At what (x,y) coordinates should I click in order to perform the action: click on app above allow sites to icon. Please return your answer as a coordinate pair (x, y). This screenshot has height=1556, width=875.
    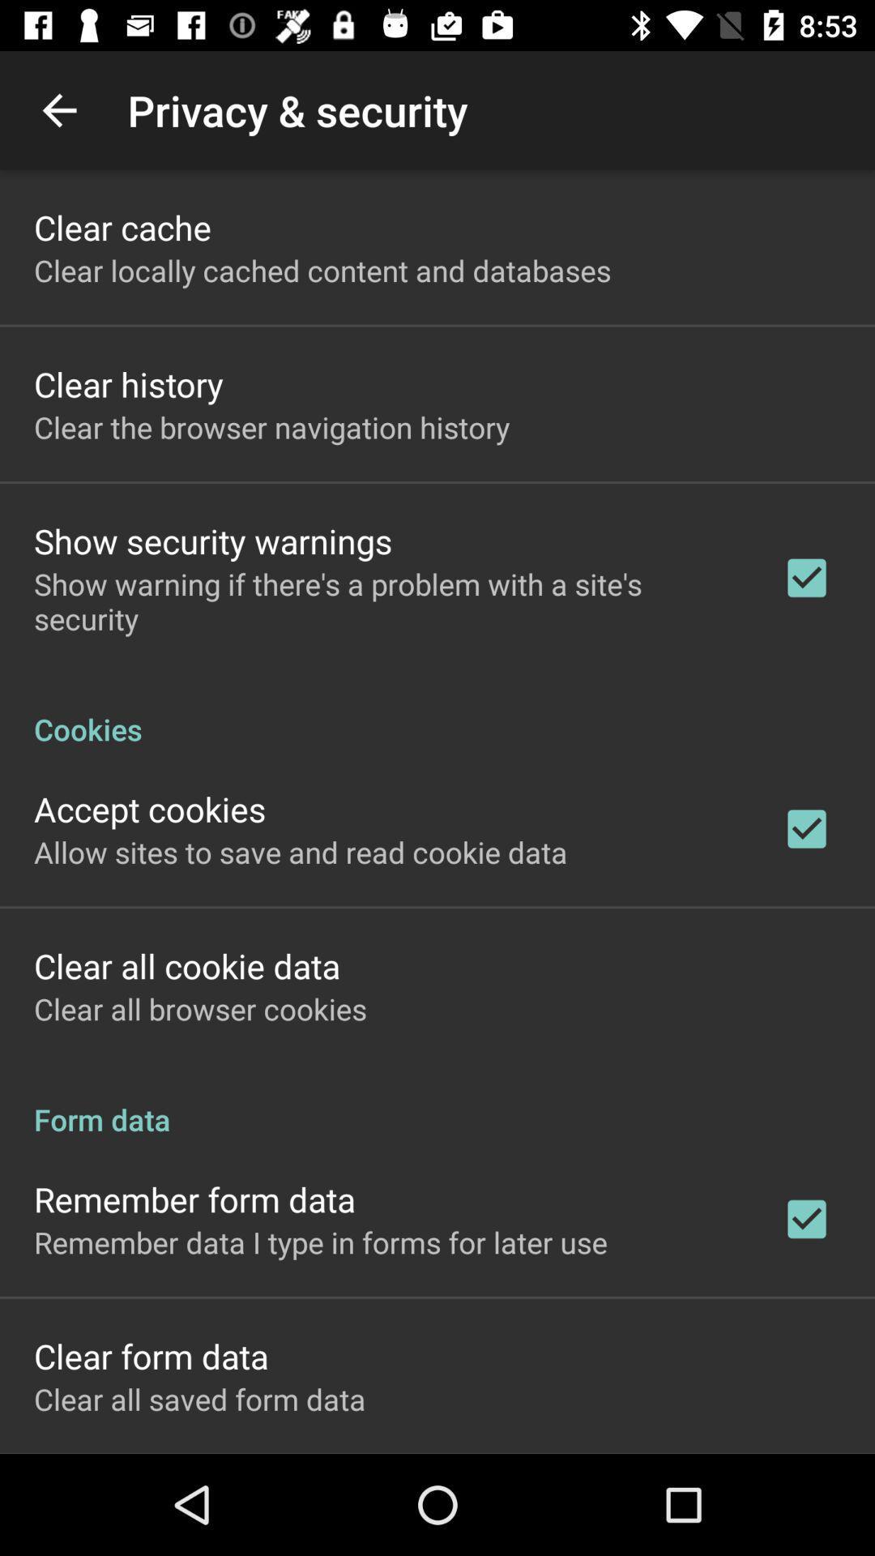
    Looking at the image, I should click on (150, 809).